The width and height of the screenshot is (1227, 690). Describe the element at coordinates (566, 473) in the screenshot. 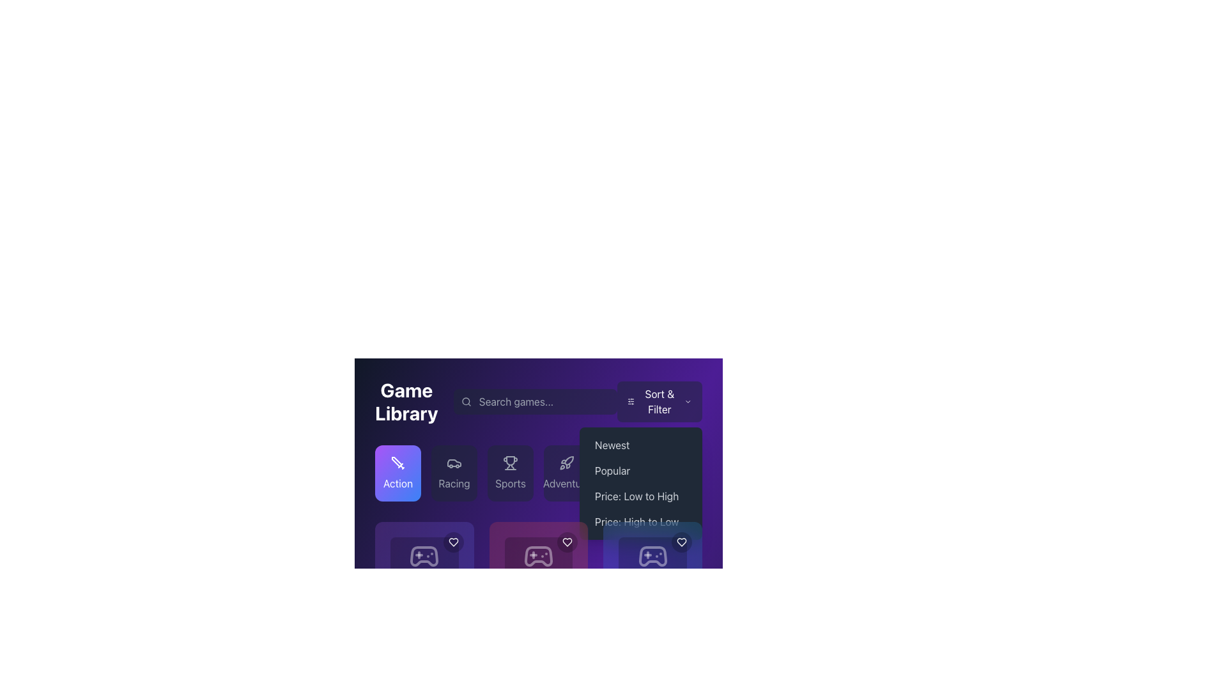

I see `the 'Adventure' category selection button to visually highlight it. This button is located in the fourth position of a row containing six buttons in a grid layout` at that location.